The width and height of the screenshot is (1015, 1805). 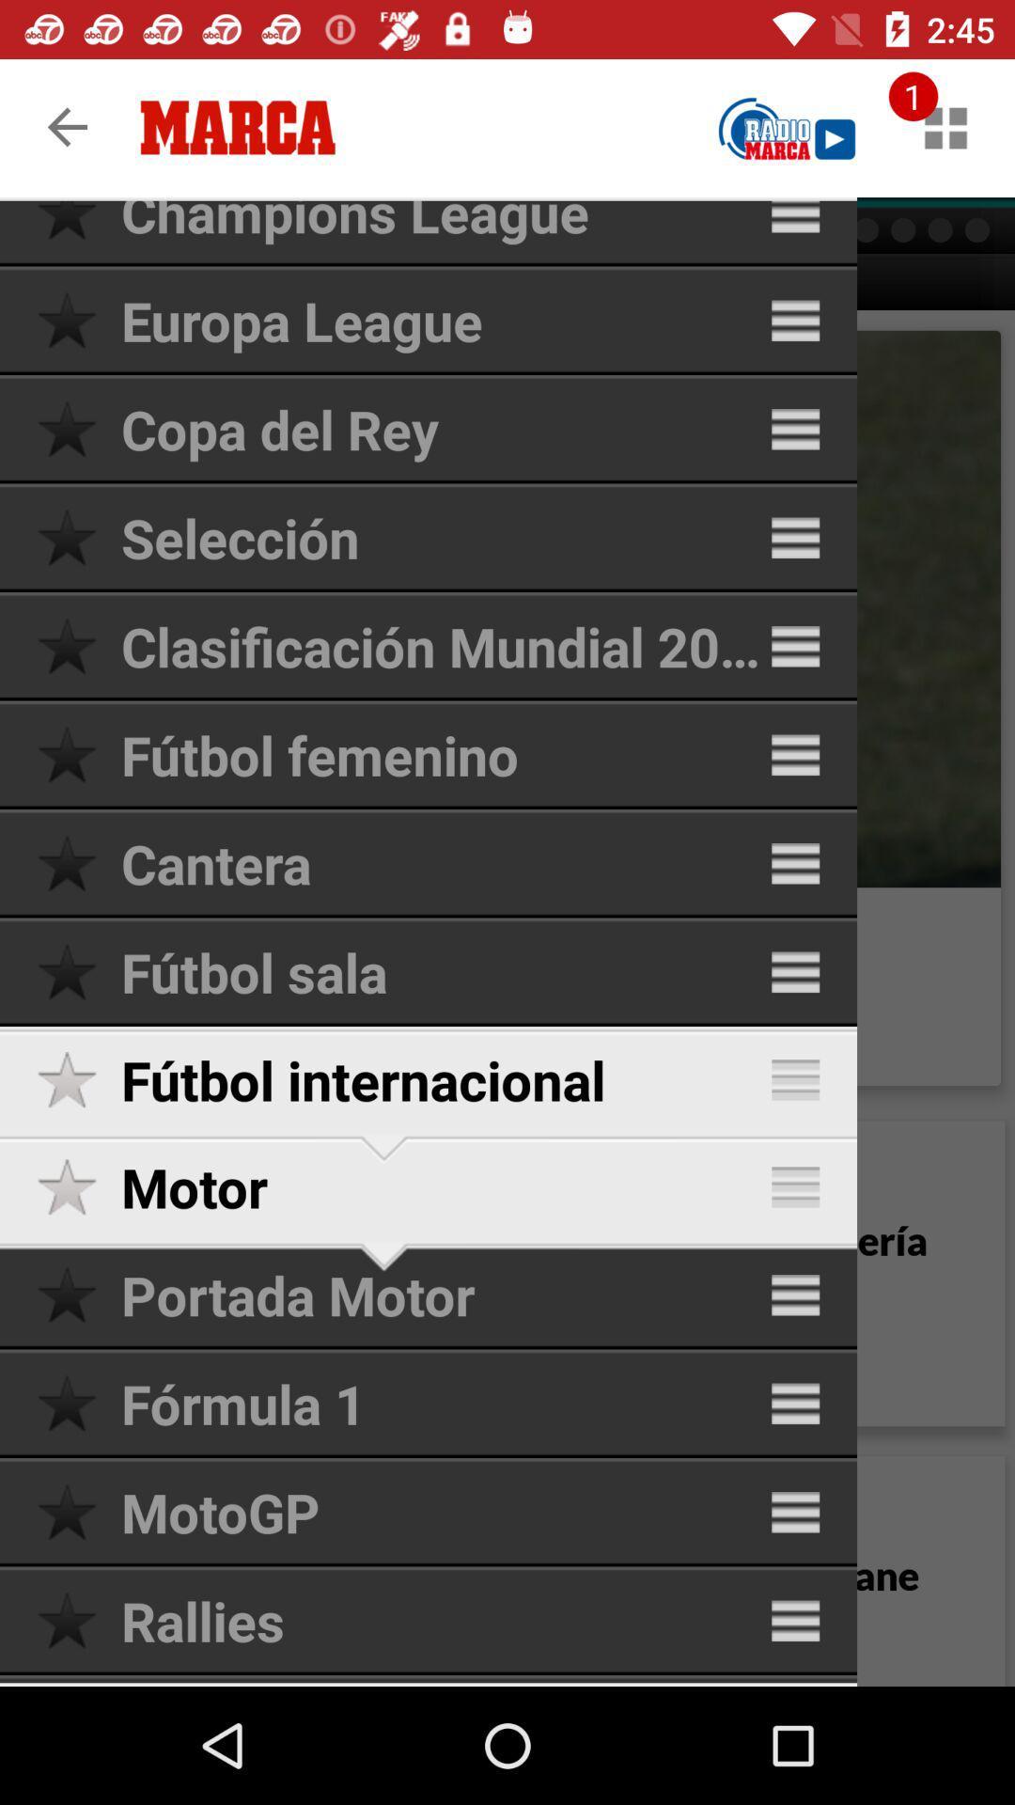 I want to click on the menu button which is to the right of the futbol femenino, so click(x=795, y=755).